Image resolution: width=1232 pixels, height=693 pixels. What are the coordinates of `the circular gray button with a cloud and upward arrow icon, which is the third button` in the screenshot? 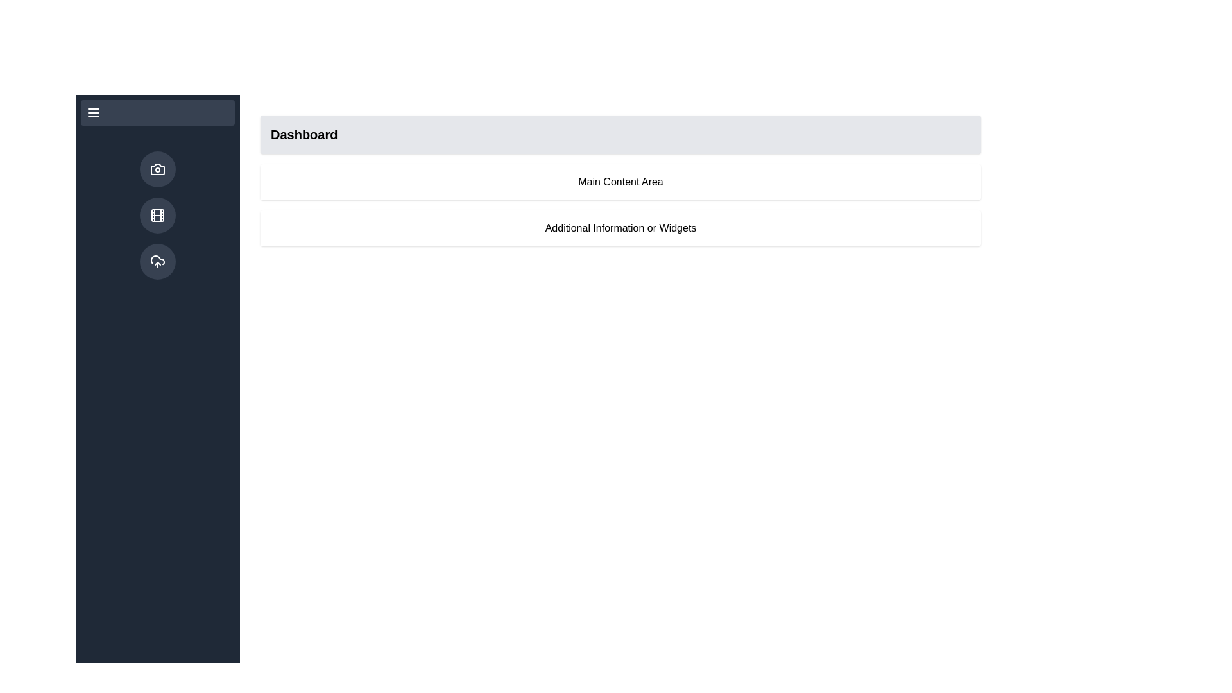 It's located at (157, 261).